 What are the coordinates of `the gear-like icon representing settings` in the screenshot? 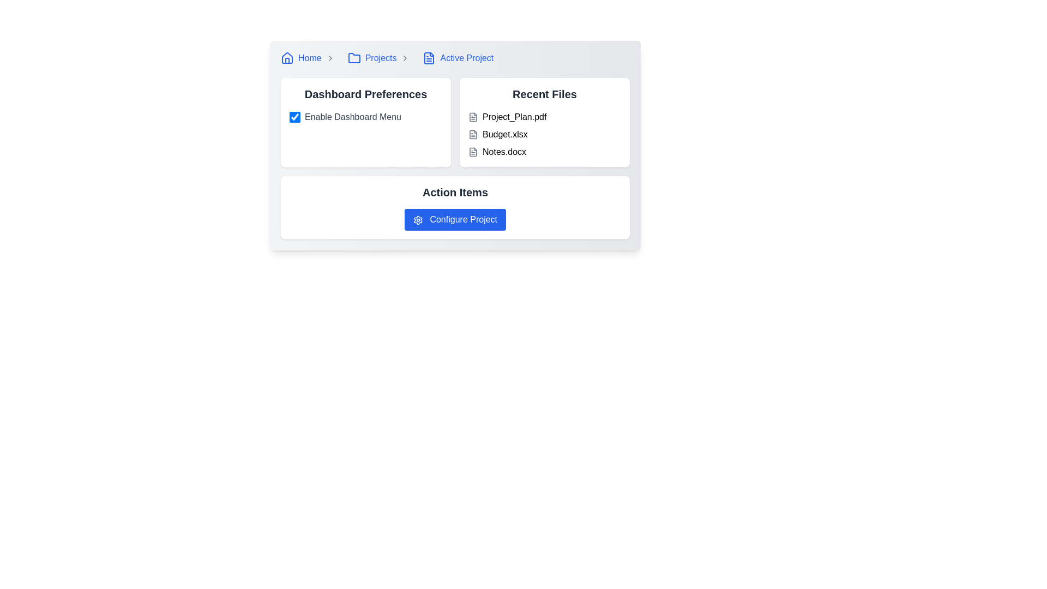 It's located at (418, 220).